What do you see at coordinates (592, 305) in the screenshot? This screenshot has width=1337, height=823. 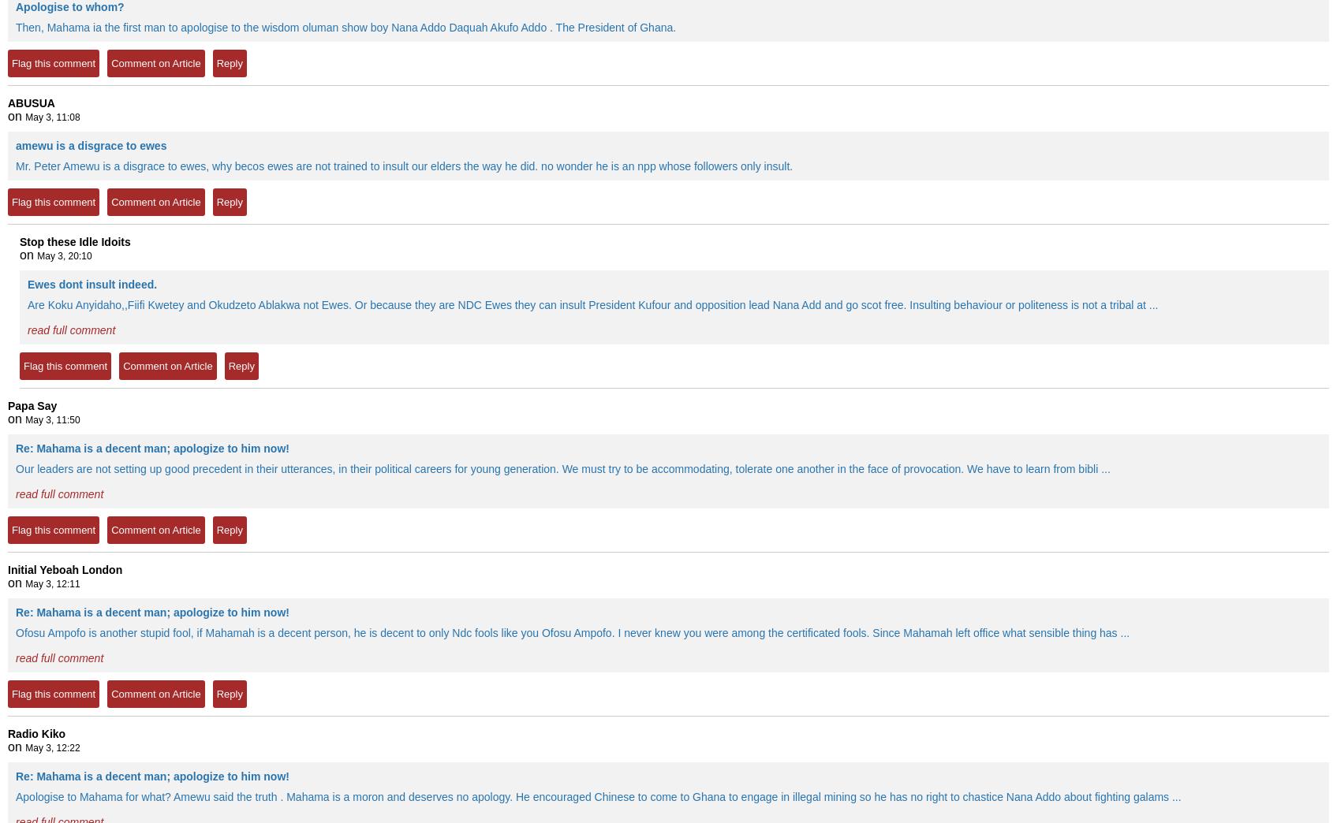 I see `'Are Koku Anyidaho,,Fiifi Kwetey and Okudzeto Ablakwa not Ewes. Or  because they are NDC Ewes they can insult President Kufour and opposition lead Nana Add and go scot free. Insulting behaviour or politeness is not a tribal at ...'` at bounding box center [592, 305].